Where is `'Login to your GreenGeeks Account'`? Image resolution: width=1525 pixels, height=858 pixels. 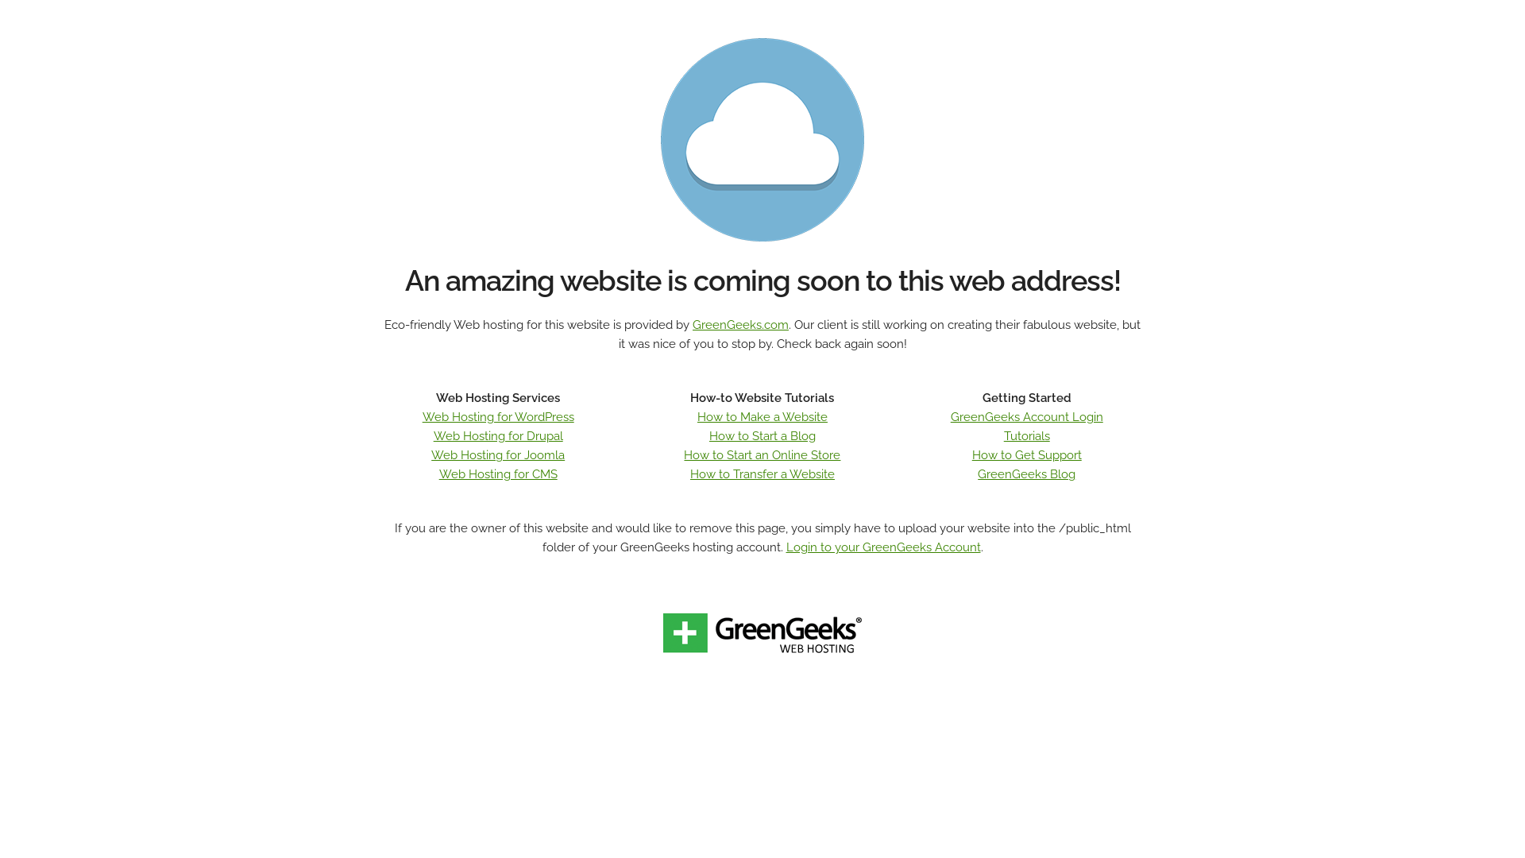
'Login to your GreenGeeks Account' is located at coordinates (786, 547).